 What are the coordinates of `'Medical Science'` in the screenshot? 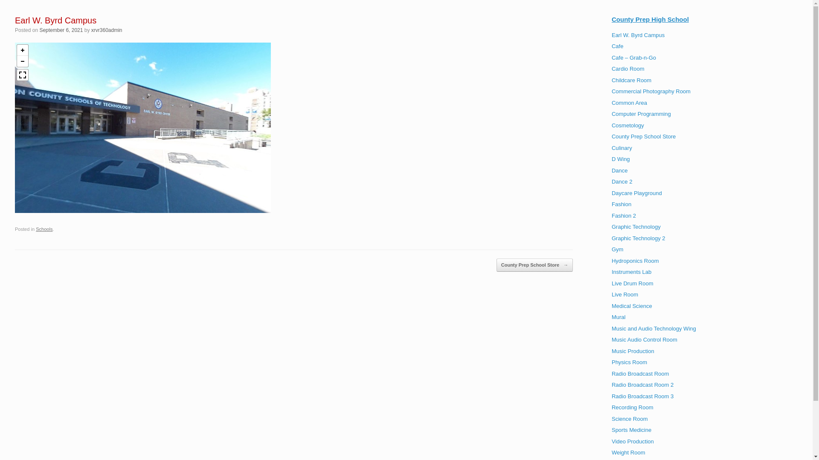 It's located at (632, 305).